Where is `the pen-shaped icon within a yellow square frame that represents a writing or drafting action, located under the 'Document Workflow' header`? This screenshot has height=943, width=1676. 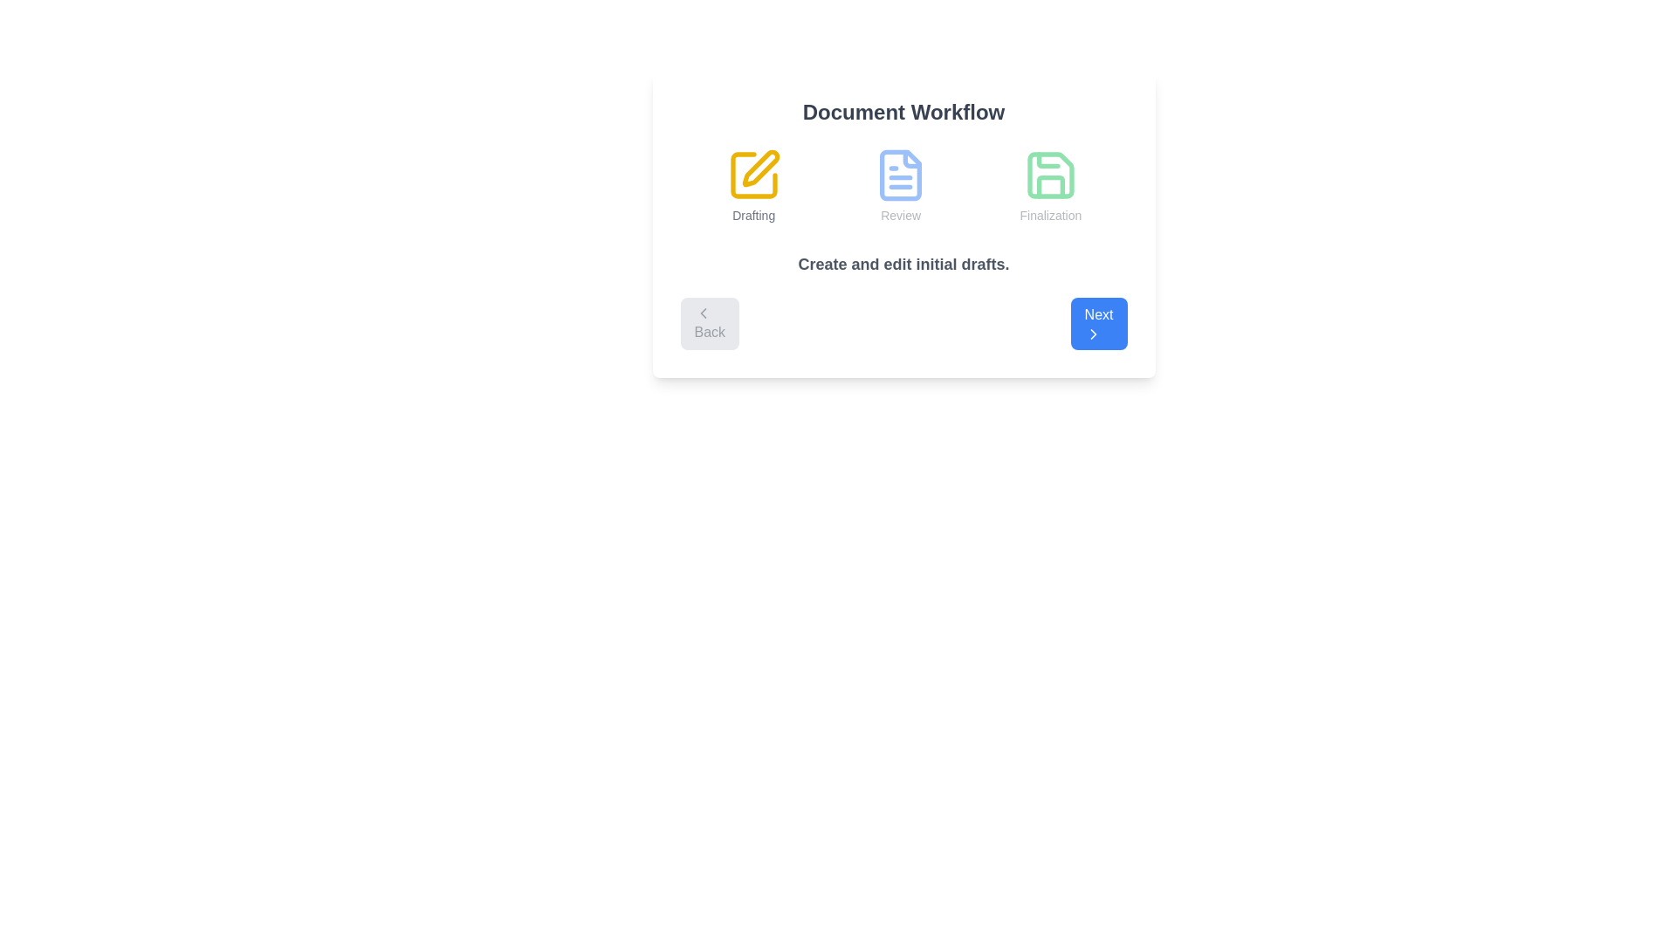 the pen-shaped icon within a yellow square frame that represents a writing or drafting action, located under the 'Document Workflow' header is located at coordinates (753, 175).